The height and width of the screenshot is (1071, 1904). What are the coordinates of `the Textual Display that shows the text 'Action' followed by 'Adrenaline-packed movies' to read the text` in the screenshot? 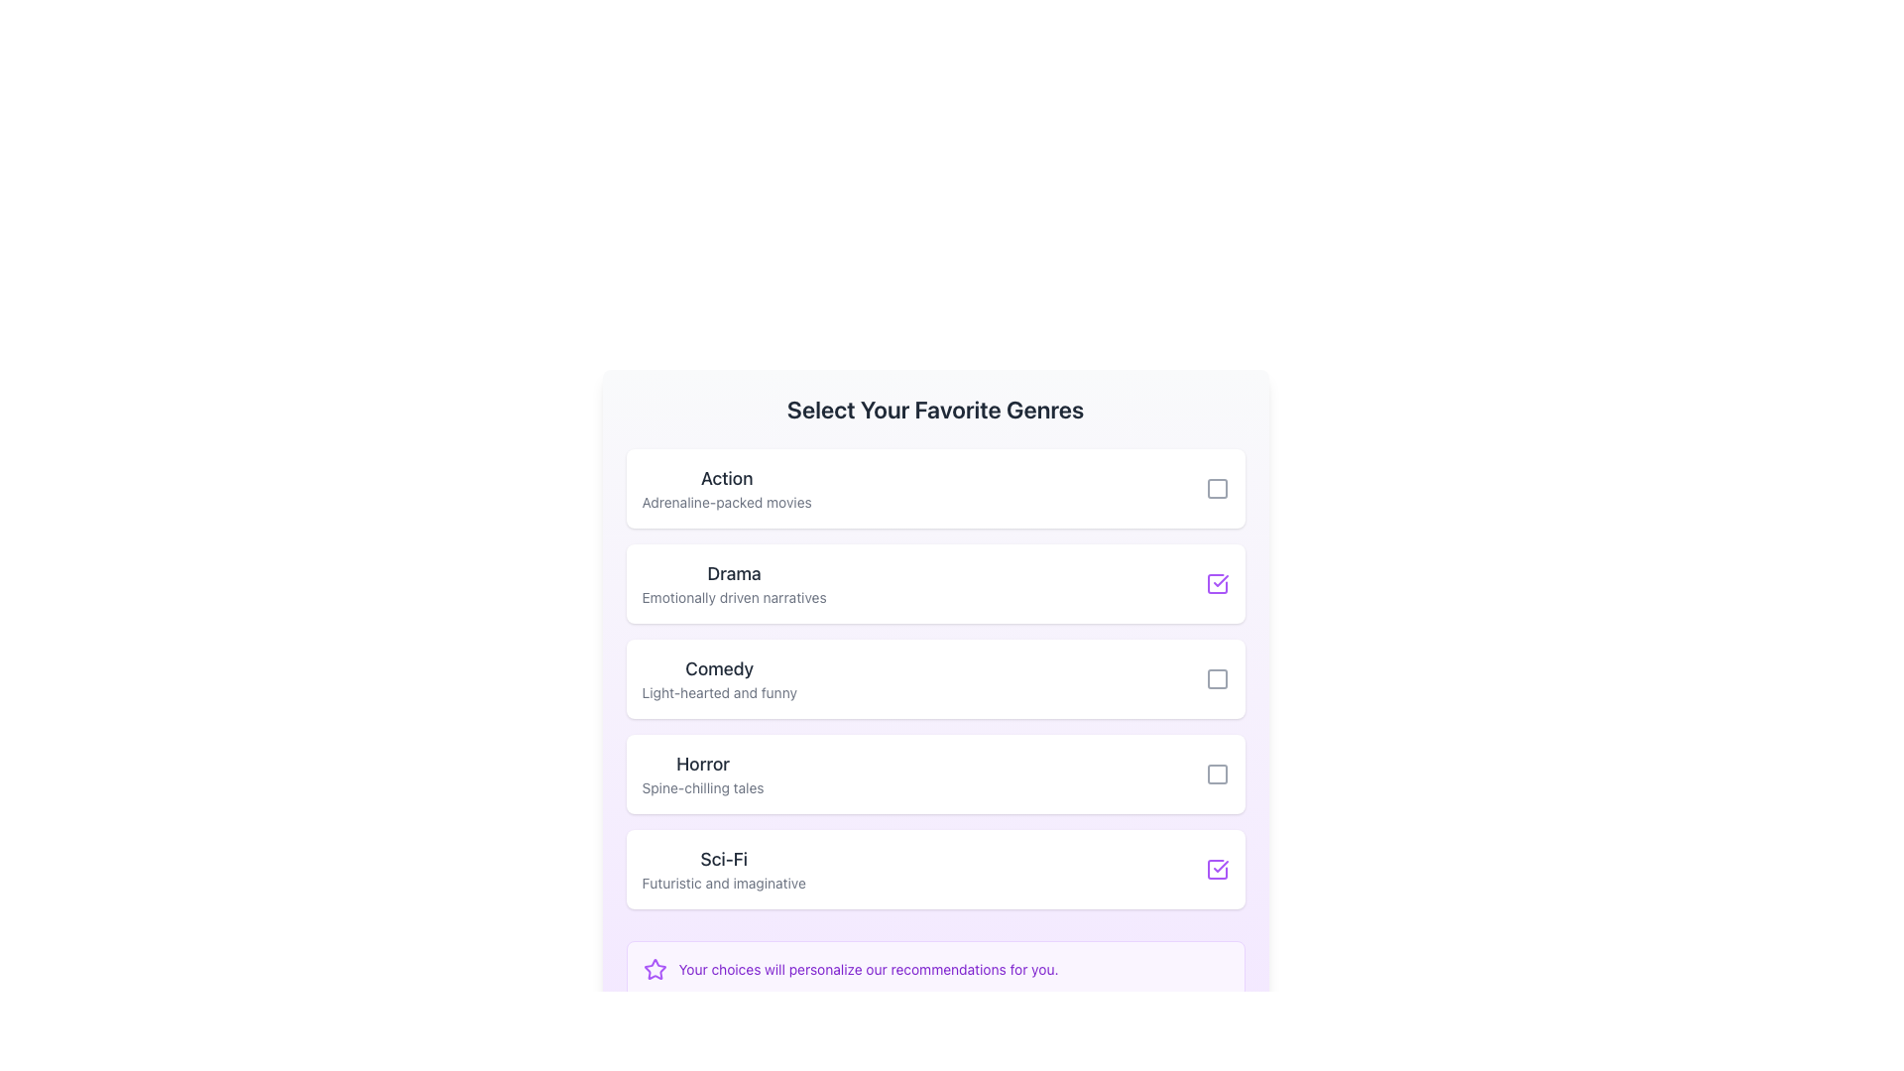 It's located at (726, 489).